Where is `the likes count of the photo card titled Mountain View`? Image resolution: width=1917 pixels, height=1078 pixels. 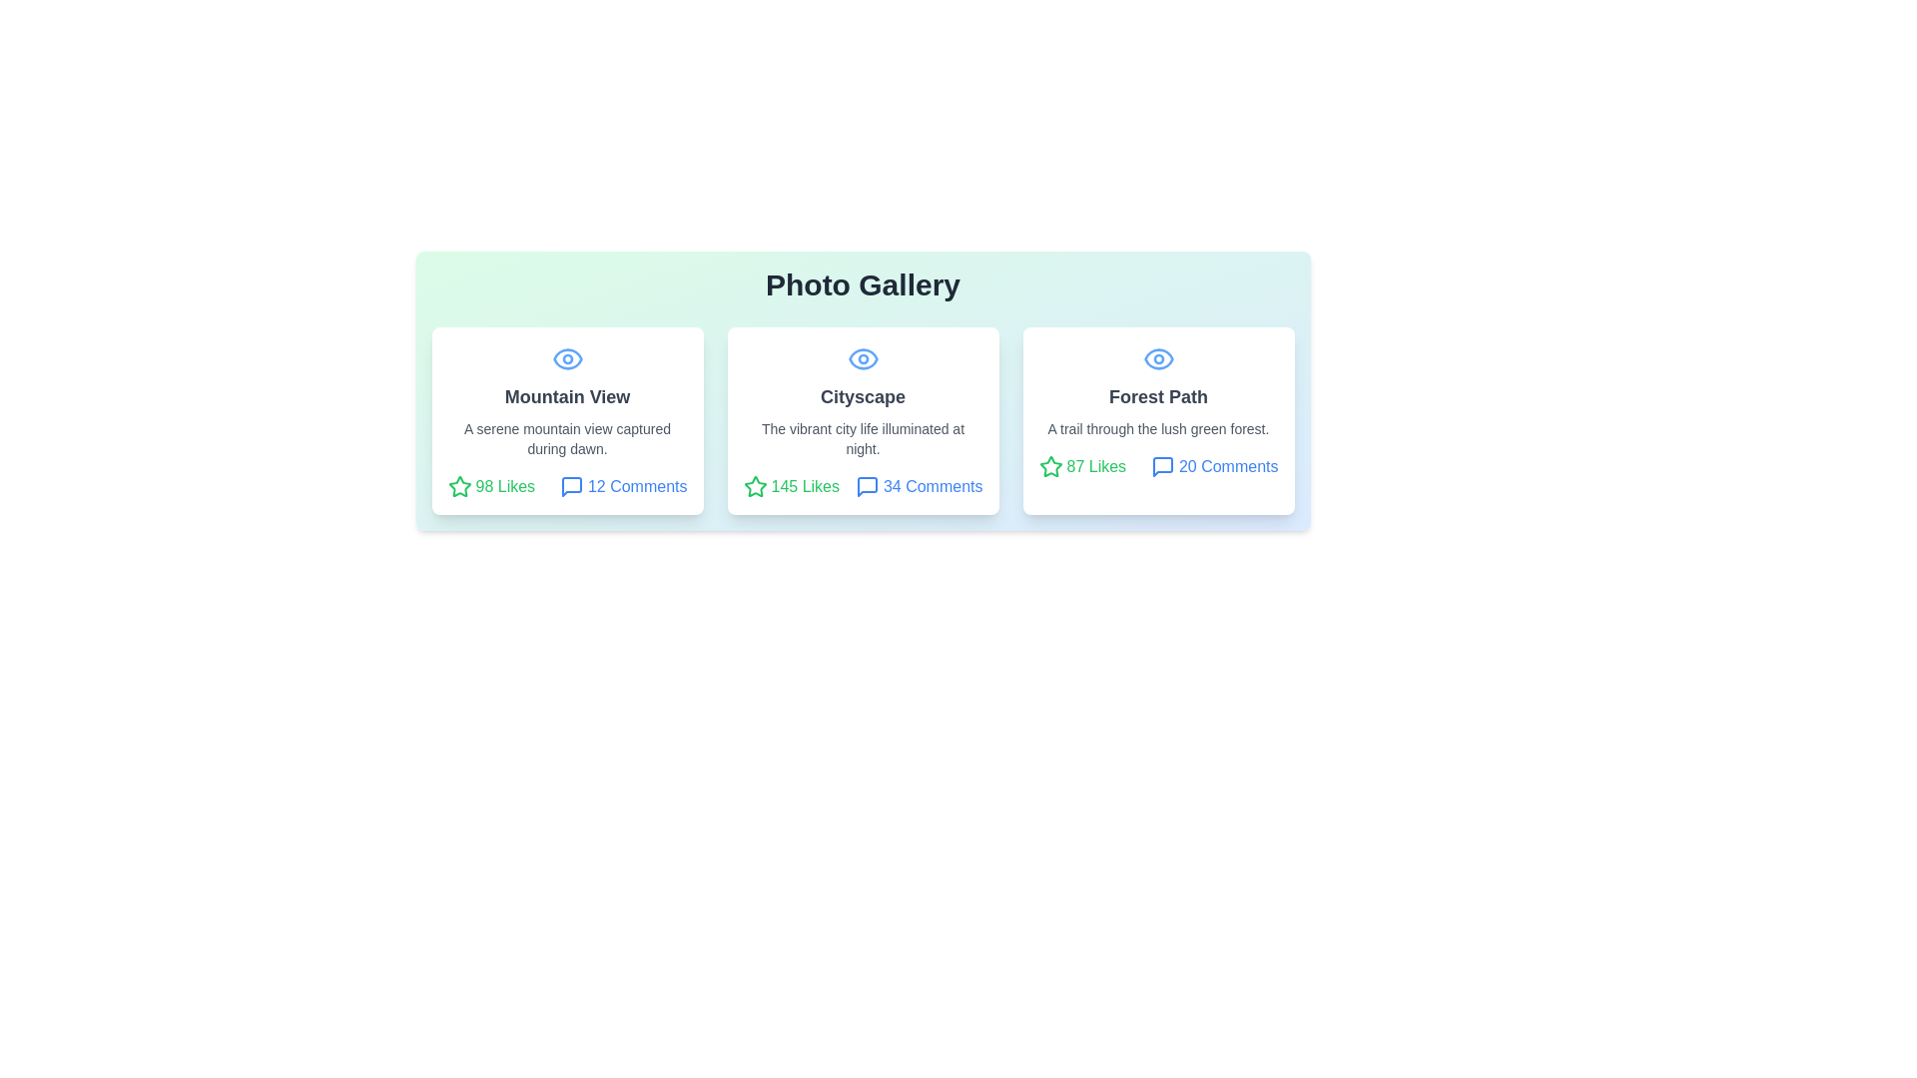 the likes count of the photo card titled Mountain View is located at coordinates (491, 487).